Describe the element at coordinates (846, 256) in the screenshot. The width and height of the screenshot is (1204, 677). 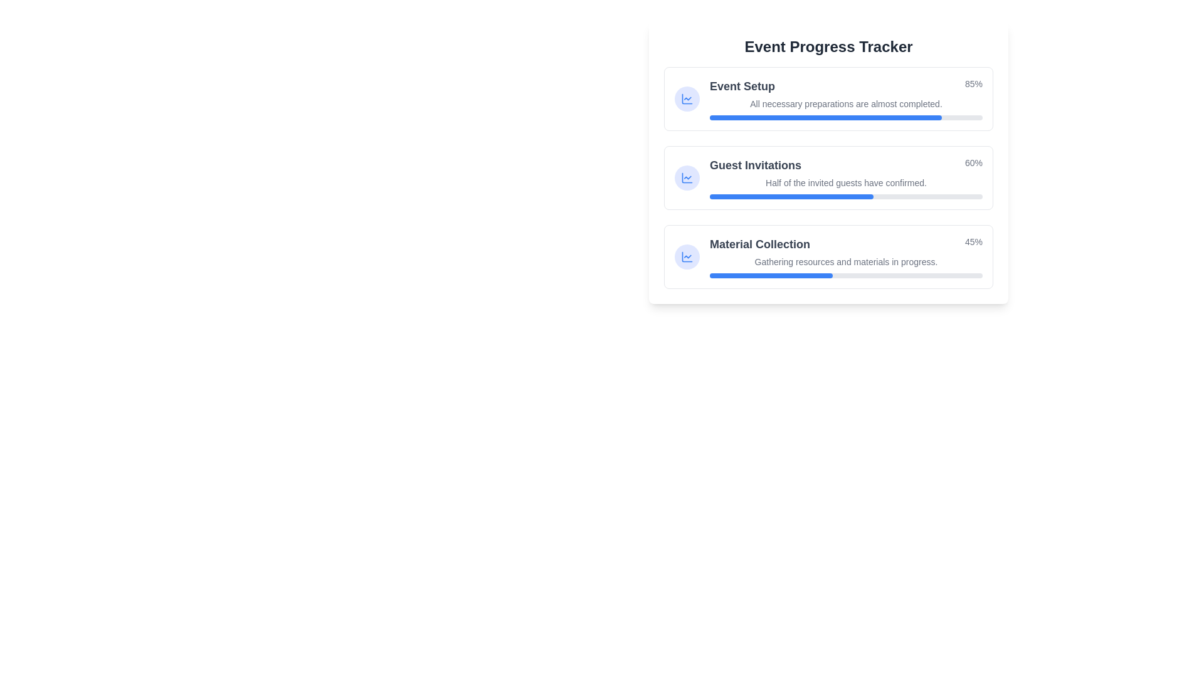
I see `progress percentage value from the third progress tracker item labeled 'Material Collection', which visually represents the task's progress with a numeric indicator and a graphical progress bar` at that location.